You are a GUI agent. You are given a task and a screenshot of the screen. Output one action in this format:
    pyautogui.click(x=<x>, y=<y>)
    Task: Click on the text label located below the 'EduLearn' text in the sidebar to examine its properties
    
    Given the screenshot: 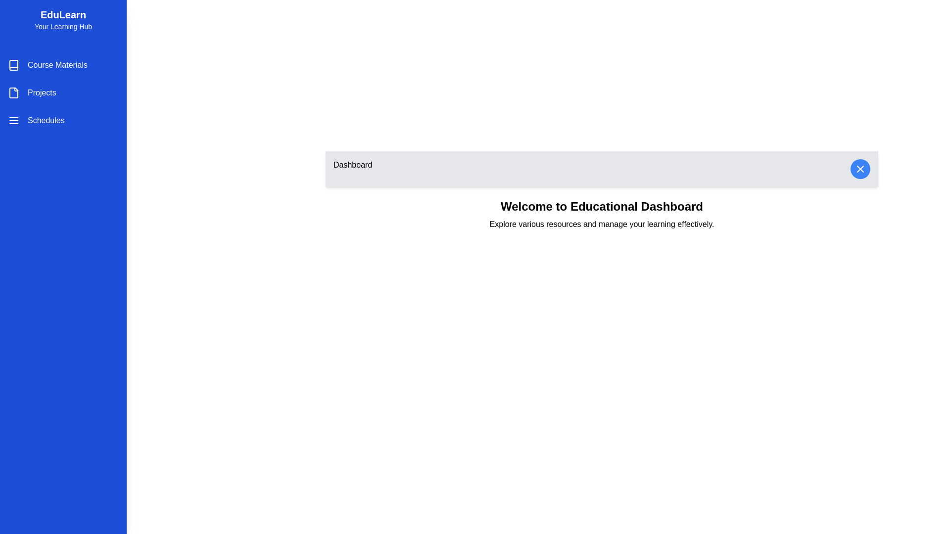 What is the action you would take?
    pyautogui.click(x=63, y=26)
    